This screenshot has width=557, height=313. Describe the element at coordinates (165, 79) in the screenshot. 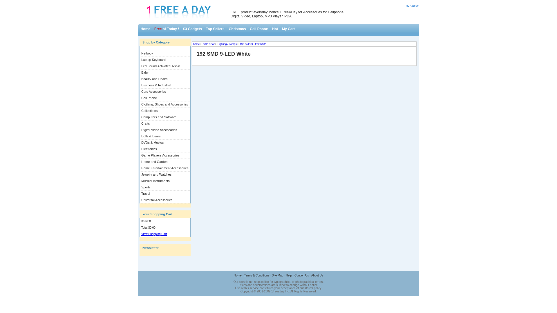

I see `'Beauty and Health'` at that location.